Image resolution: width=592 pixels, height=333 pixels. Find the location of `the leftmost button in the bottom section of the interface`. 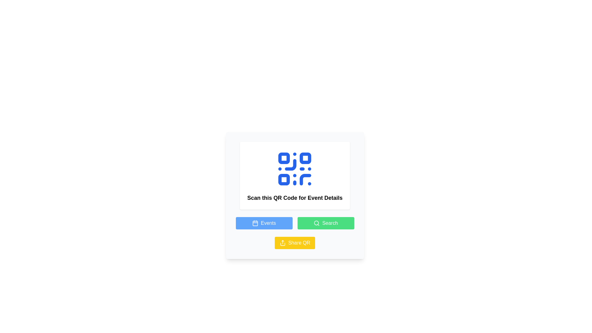

the leftmost button in the bottom section of the interface is located at coordinates (264, 223).